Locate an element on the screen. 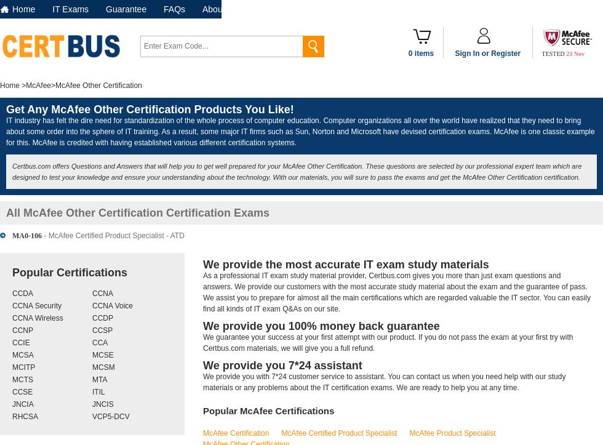 The image size is (603, 445). '23 Nov' is located at coordinates (575, 53).